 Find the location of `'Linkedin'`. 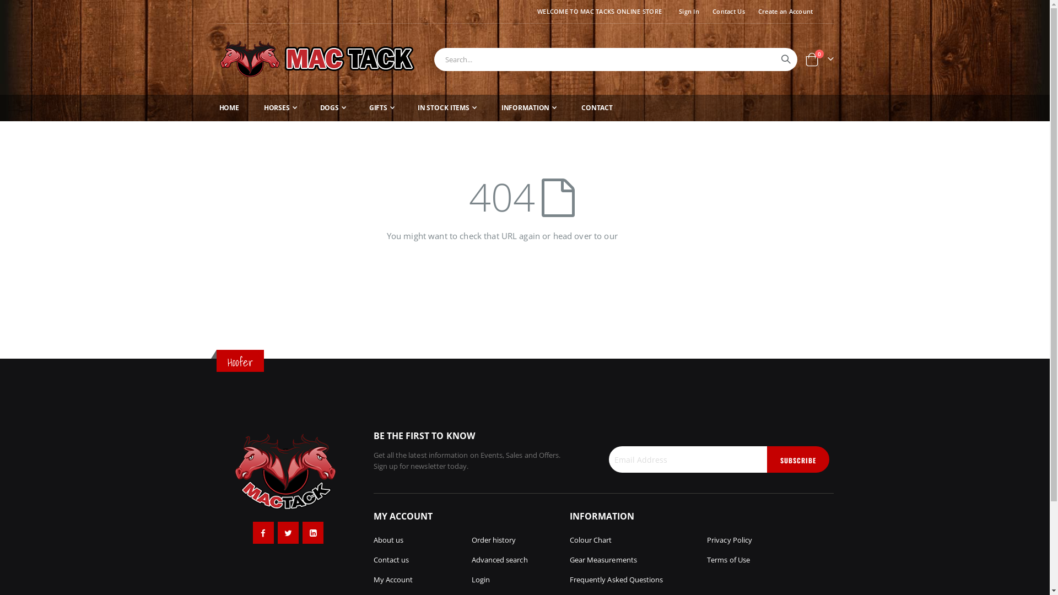

'Linkedin' is located at coordinates (312, 532).